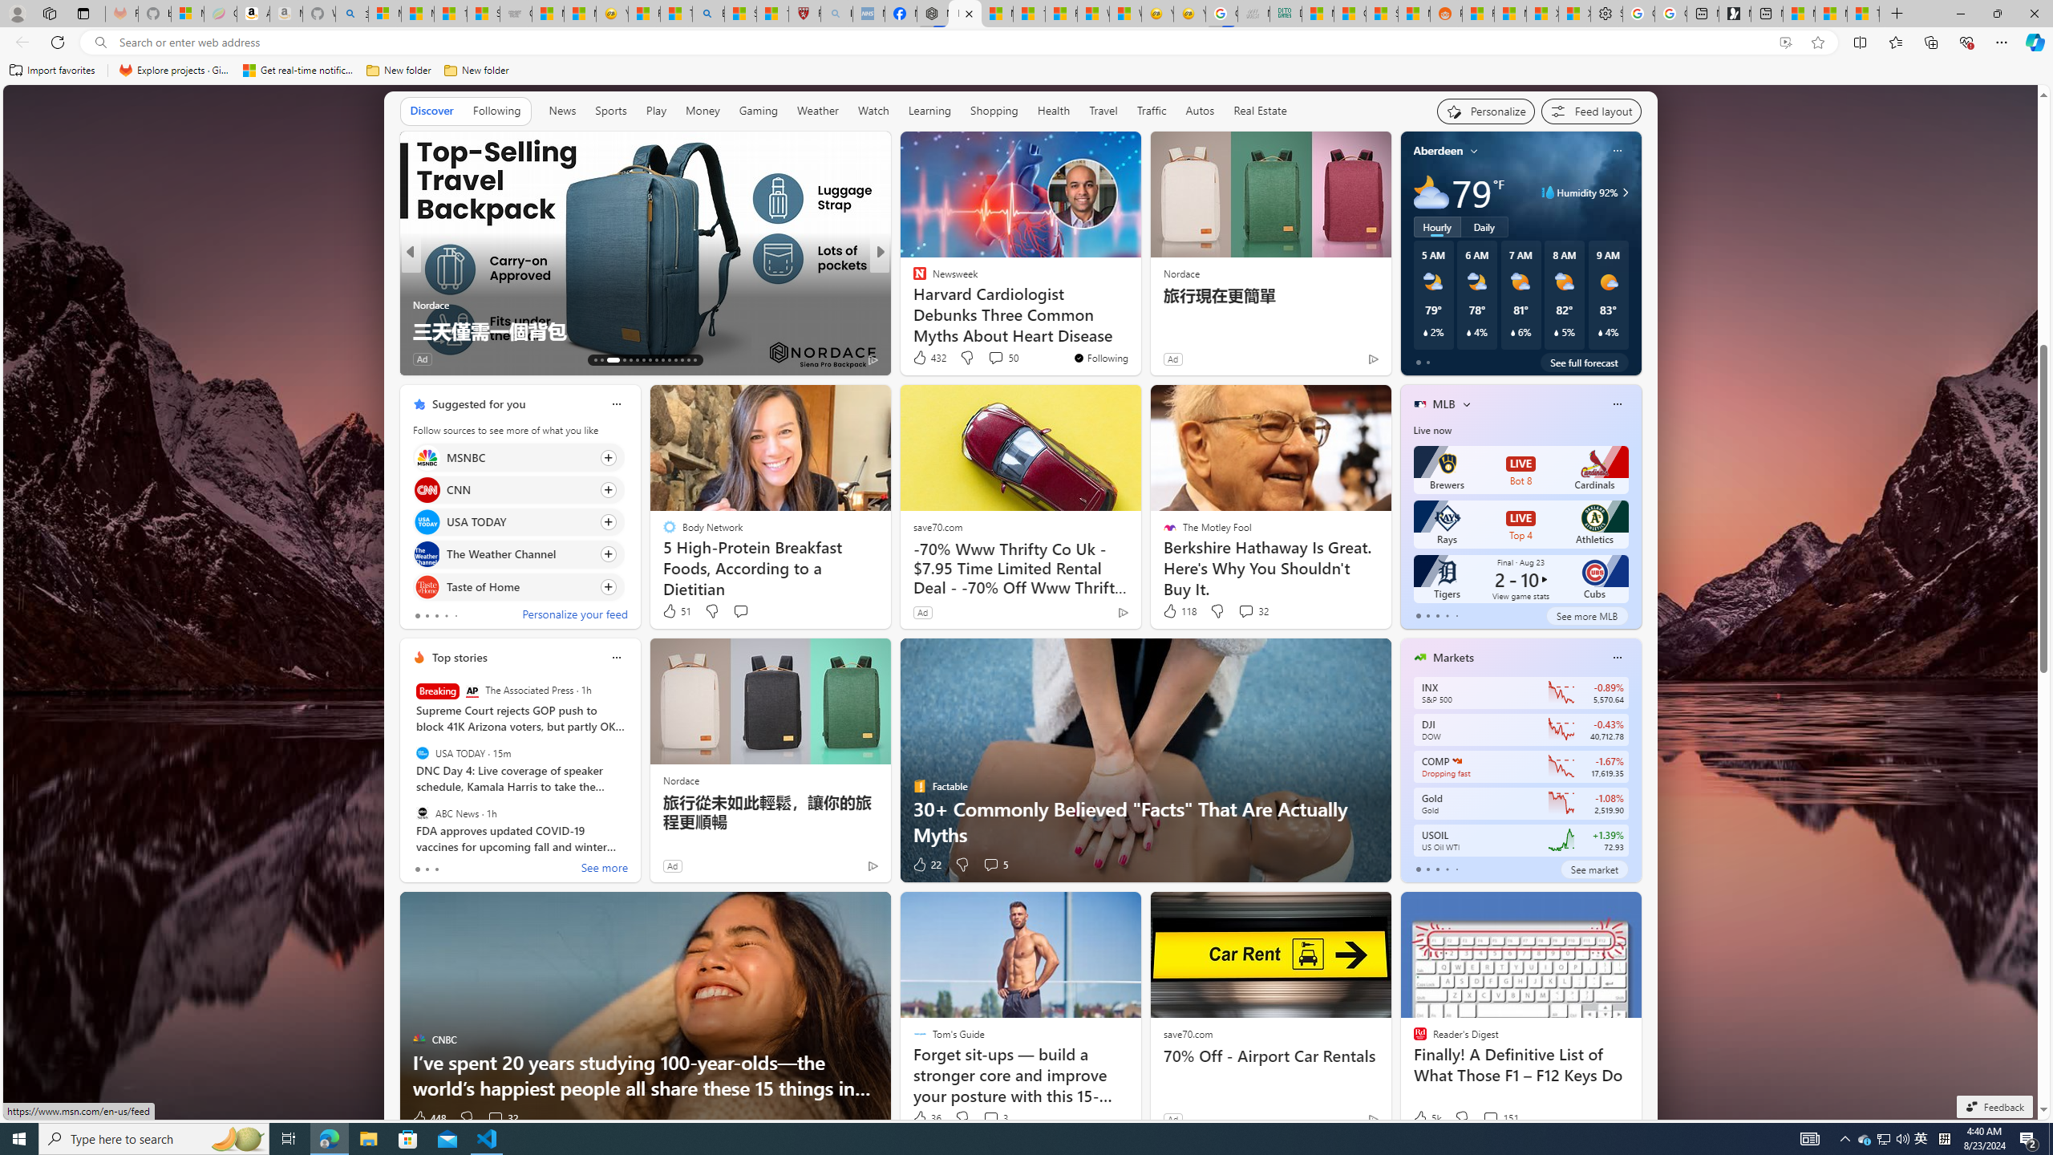 This screenshot has width=2053, height=1155. Describe the element at coordinates (1000, 359) in the screenshot. I see `'View comments 104 Comment'` at that location.